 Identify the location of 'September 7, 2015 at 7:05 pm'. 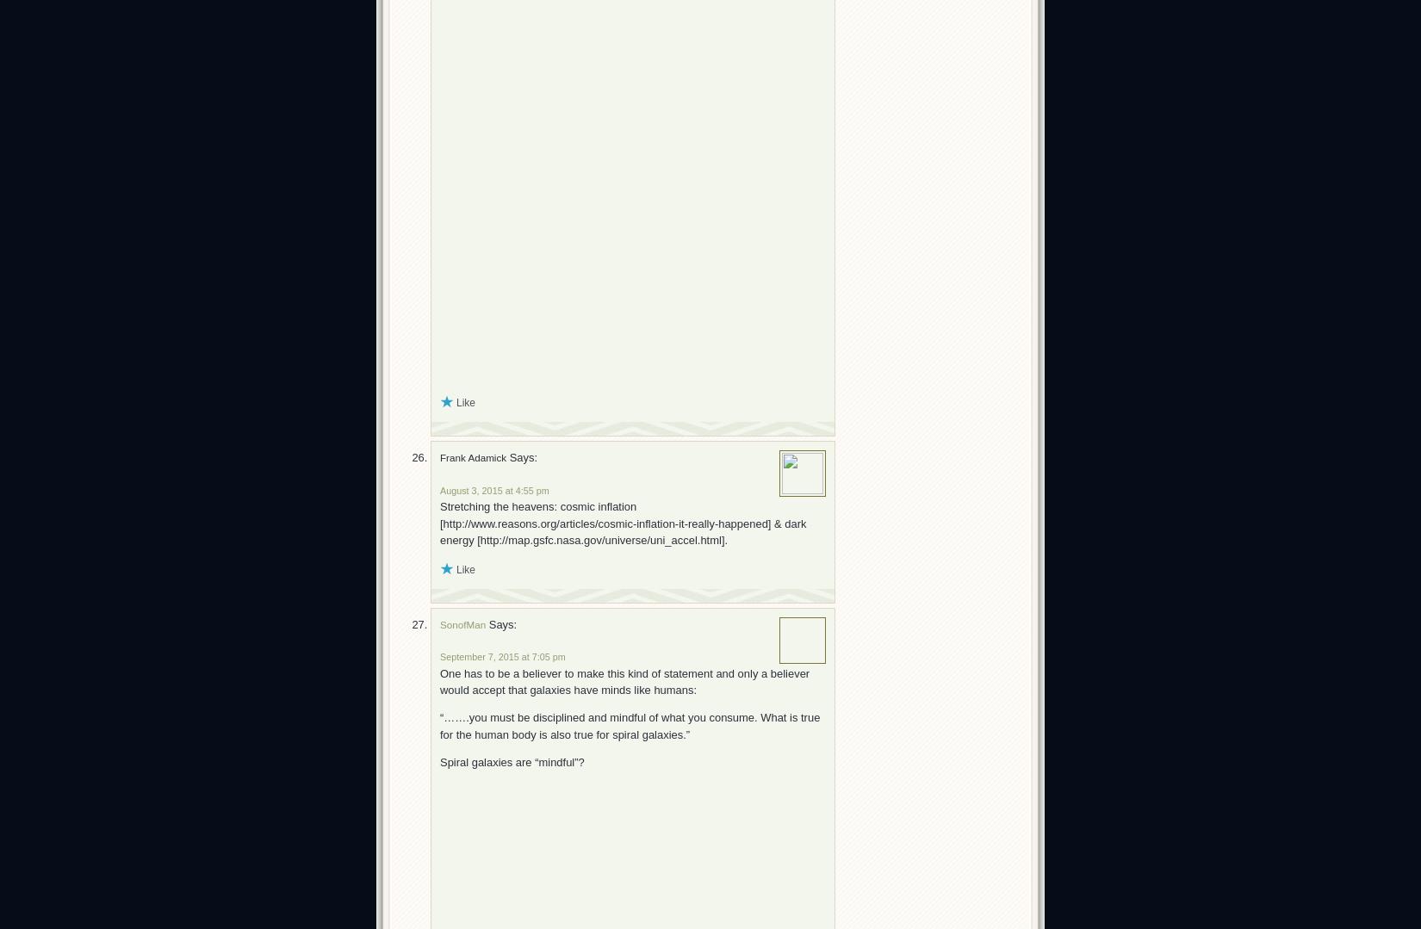
(501, 655).